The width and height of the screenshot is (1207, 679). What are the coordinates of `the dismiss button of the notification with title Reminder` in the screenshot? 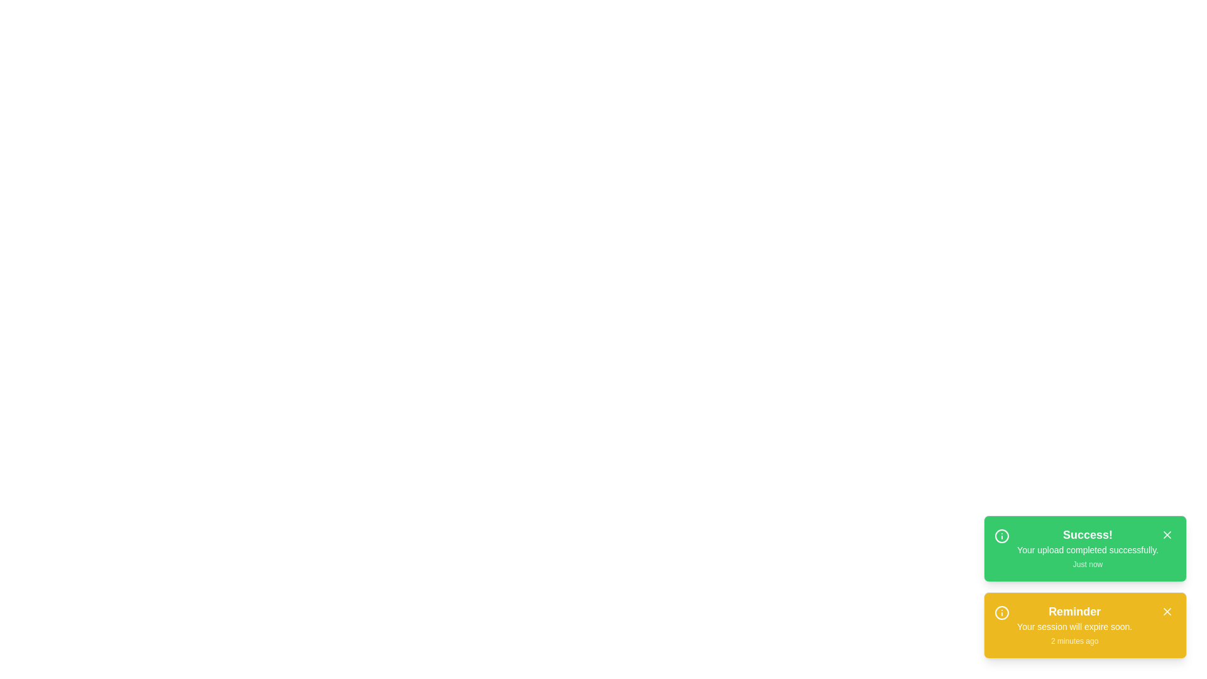 It's located at (1167, 610).